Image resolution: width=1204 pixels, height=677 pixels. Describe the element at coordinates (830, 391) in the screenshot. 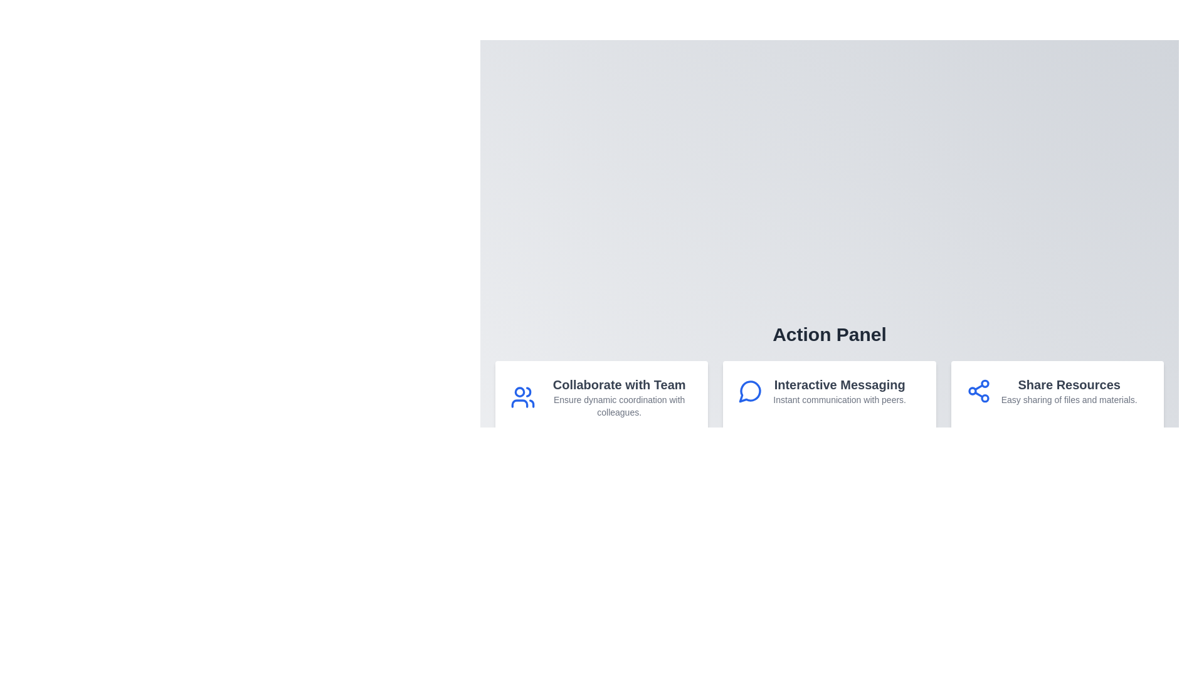

I see `the second feature box` at that location.